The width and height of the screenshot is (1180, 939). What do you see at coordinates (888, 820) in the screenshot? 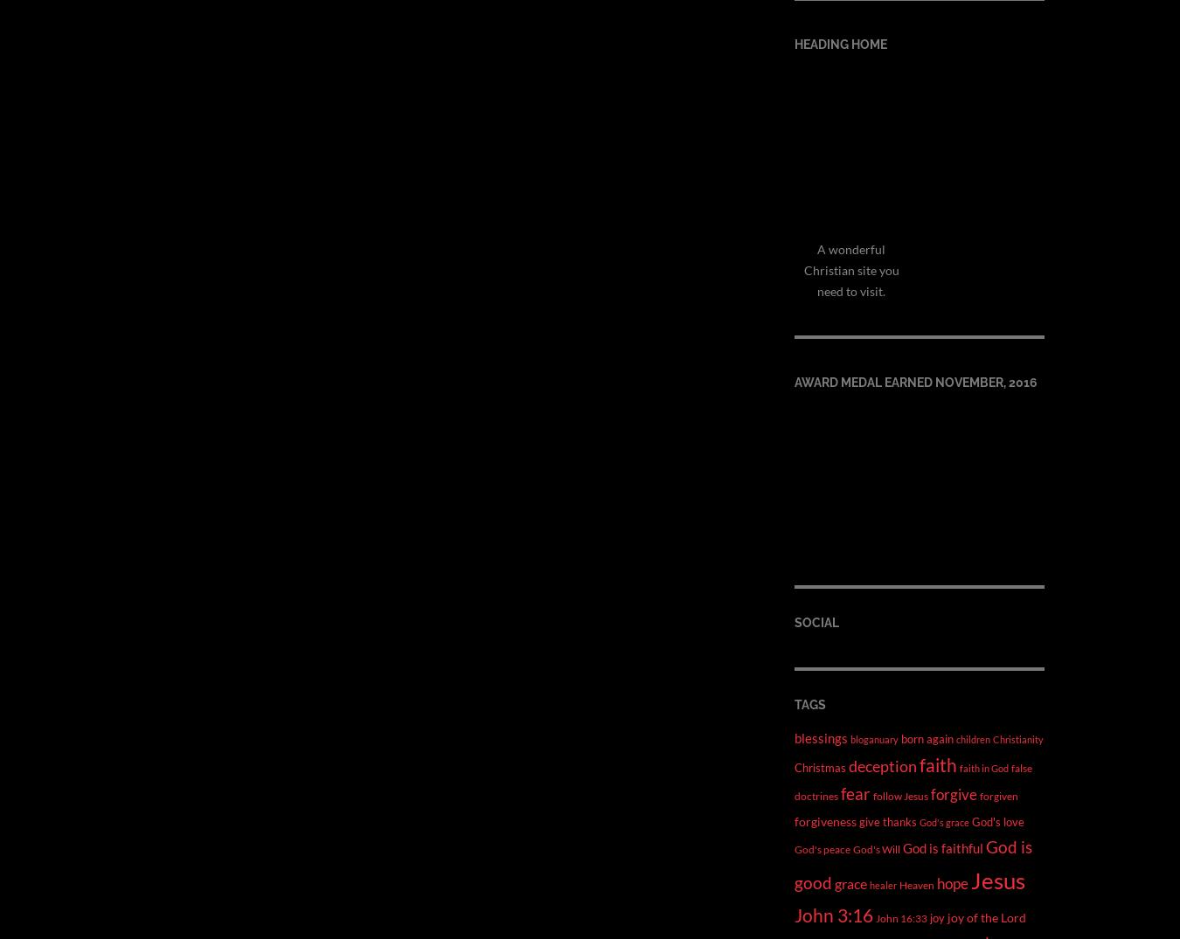
I see `'give thanks'` at bounding box center [888, 820].